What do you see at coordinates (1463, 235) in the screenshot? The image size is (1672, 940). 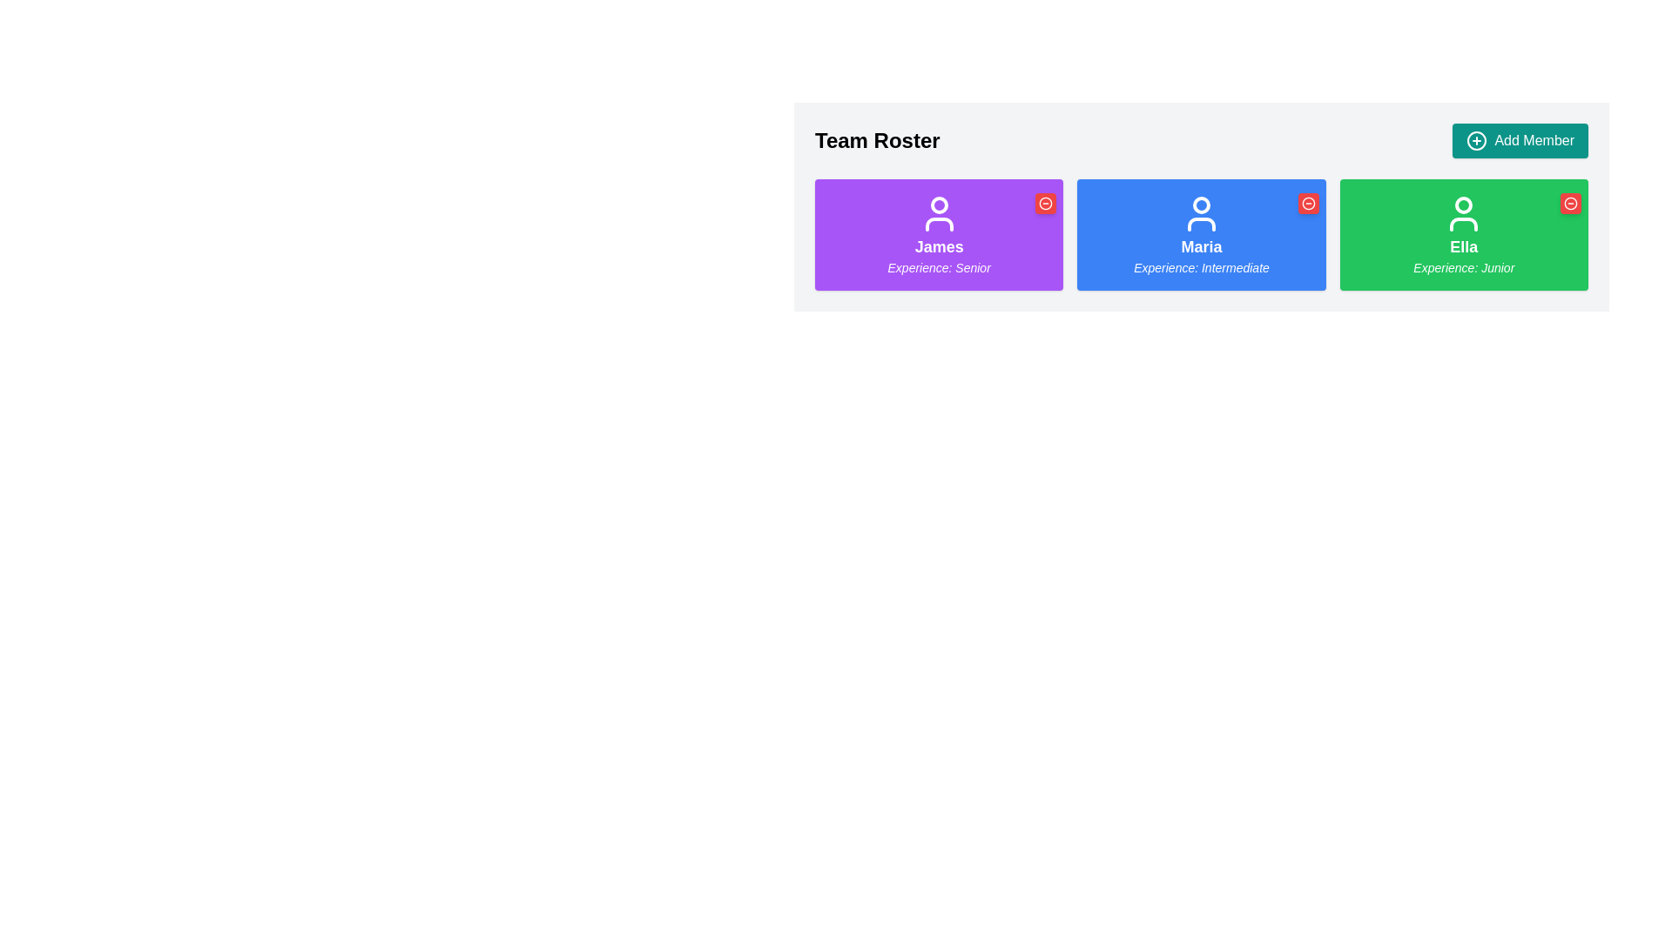 I see `text information from the green card containing the user icon, with the name 'Ella' in bold and the experience level 'Junior' in italicized font` at bounding box center [1463, 235].